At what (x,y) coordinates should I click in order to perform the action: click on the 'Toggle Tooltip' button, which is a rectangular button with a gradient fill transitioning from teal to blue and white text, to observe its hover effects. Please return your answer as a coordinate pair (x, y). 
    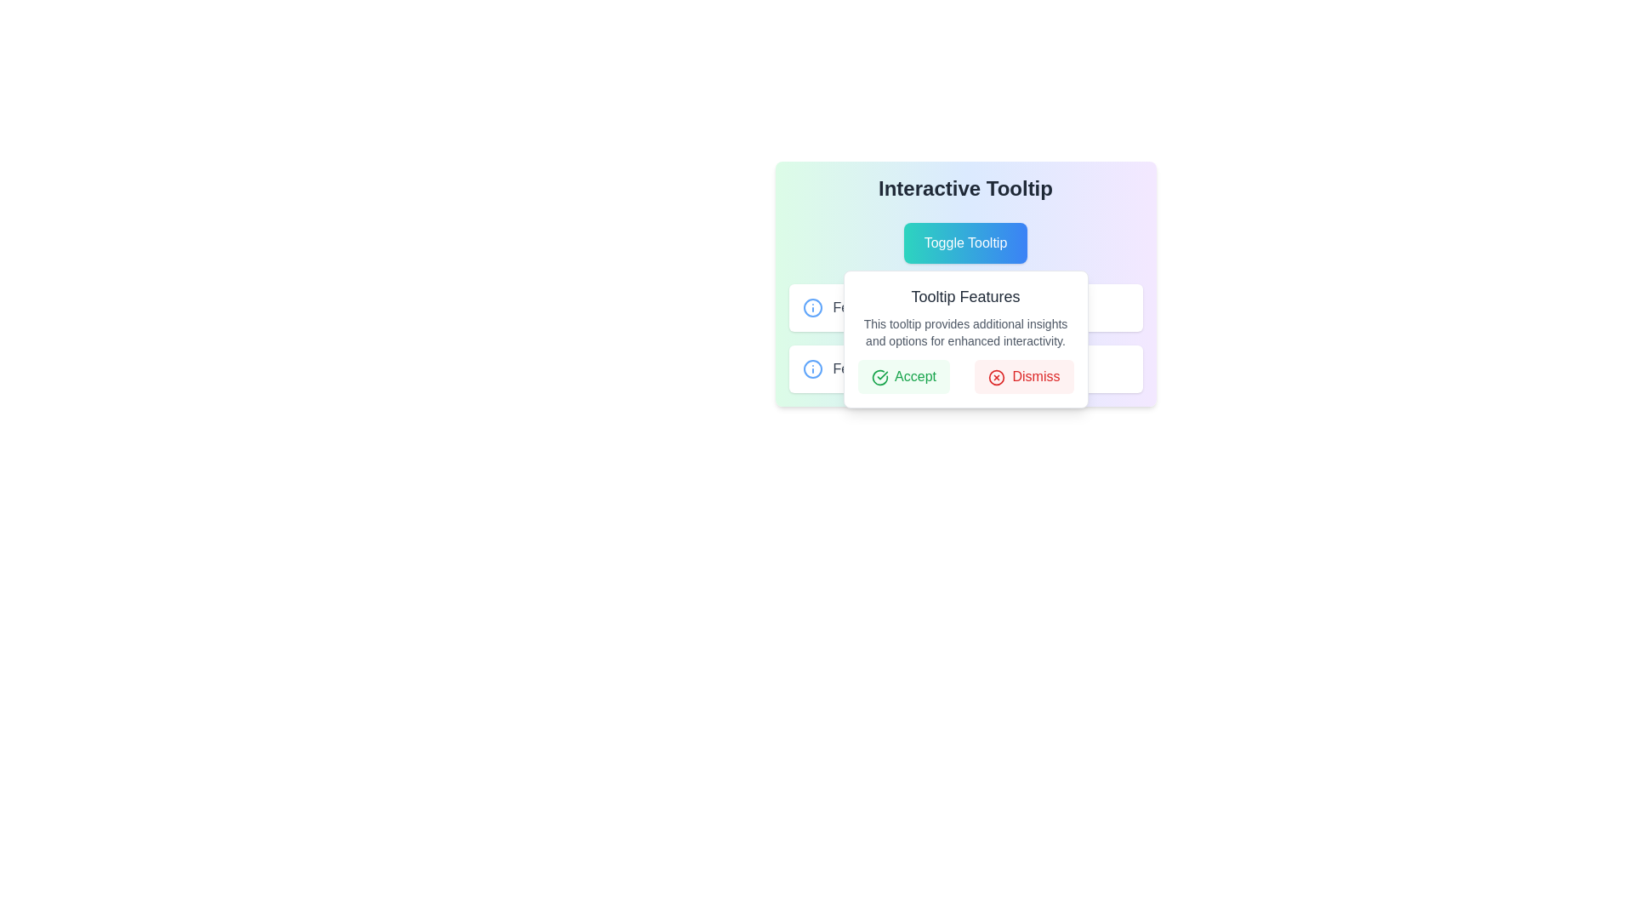
    Looking at the image, I should click on (965, 243).